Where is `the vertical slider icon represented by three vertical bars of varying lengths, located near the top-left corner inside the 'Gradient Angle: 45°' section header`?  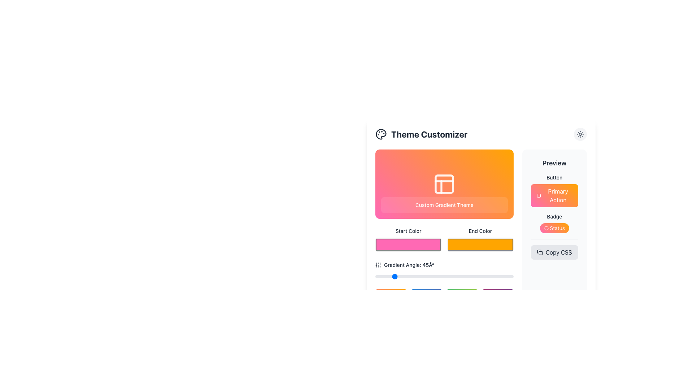 the vertical slider icon represented by three vertical bars of varying lengths, located near the top-left corner inside the 'Gradient Angle: 45°' section header is located at coordinates (378, 265).